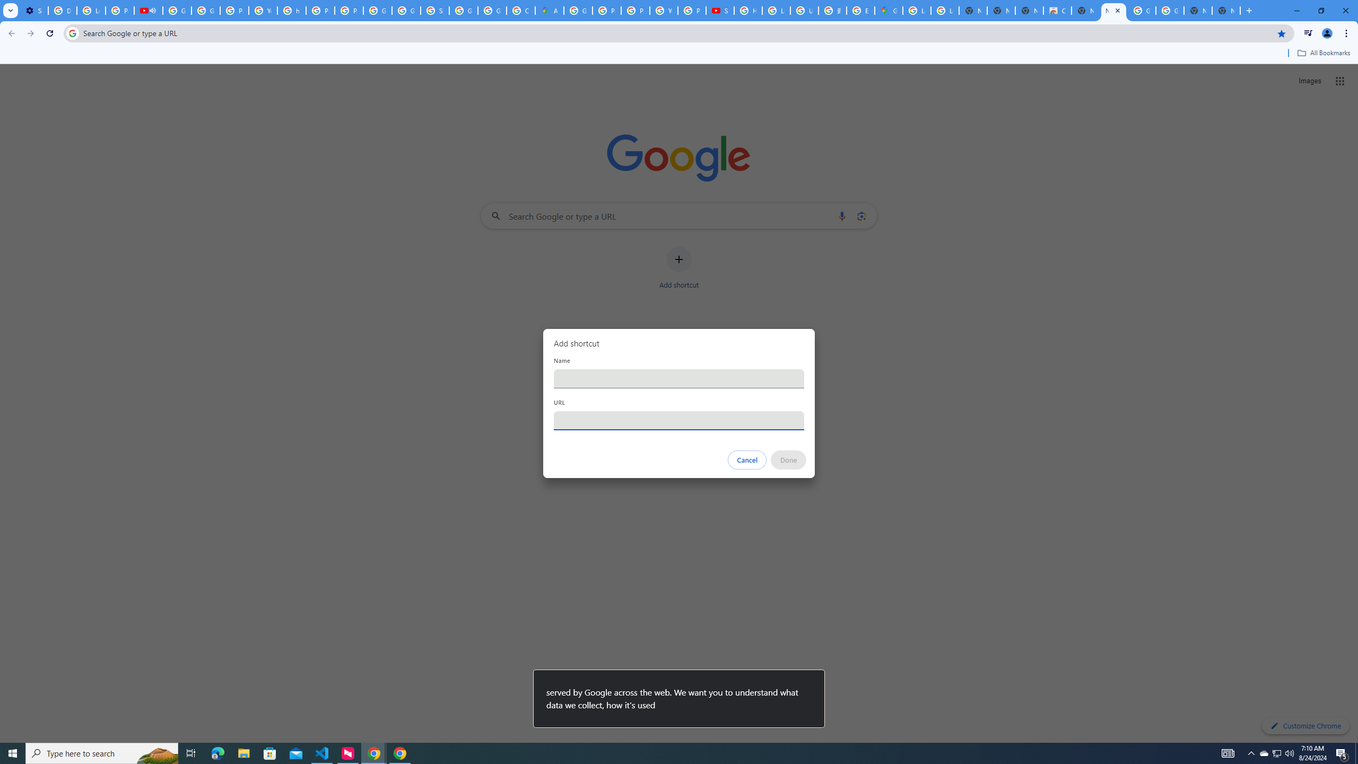 The height and width of the screenshot is (764, 1358). I want to click on 'Search icon', so click(72, 32).